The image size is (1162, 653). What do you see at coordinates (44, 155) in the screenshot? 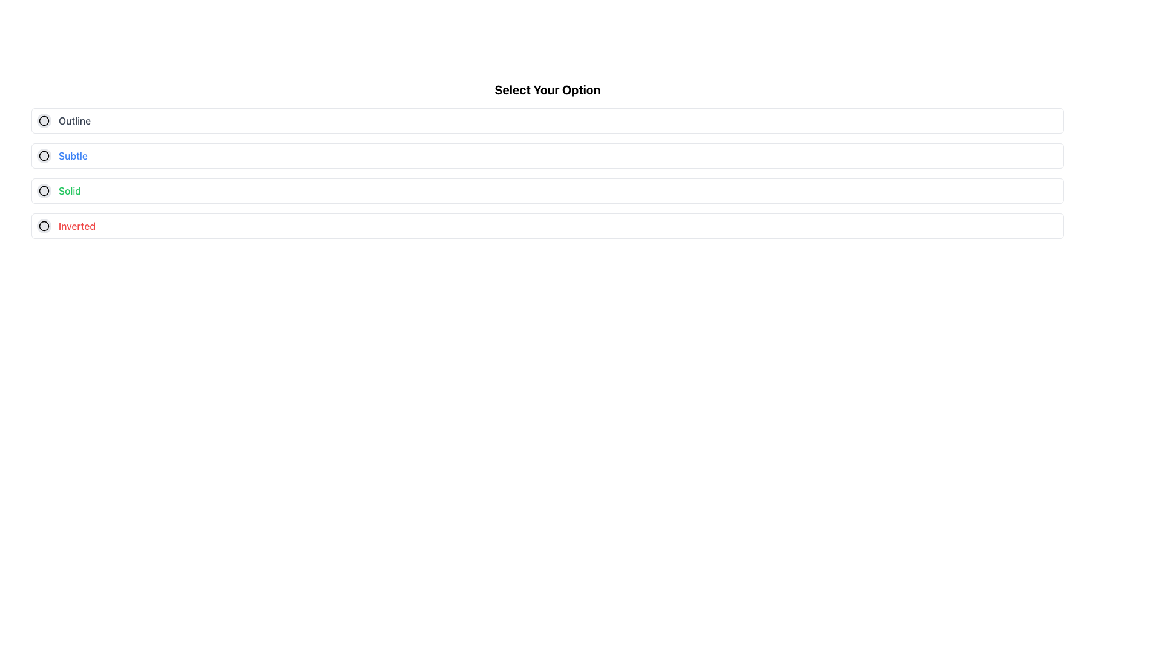
I see `the 'Subtle' radio button, which is a circular element with a black outline and a white interior, located to the left of the text label 'Subtle'` at bounding box center [44, 155].